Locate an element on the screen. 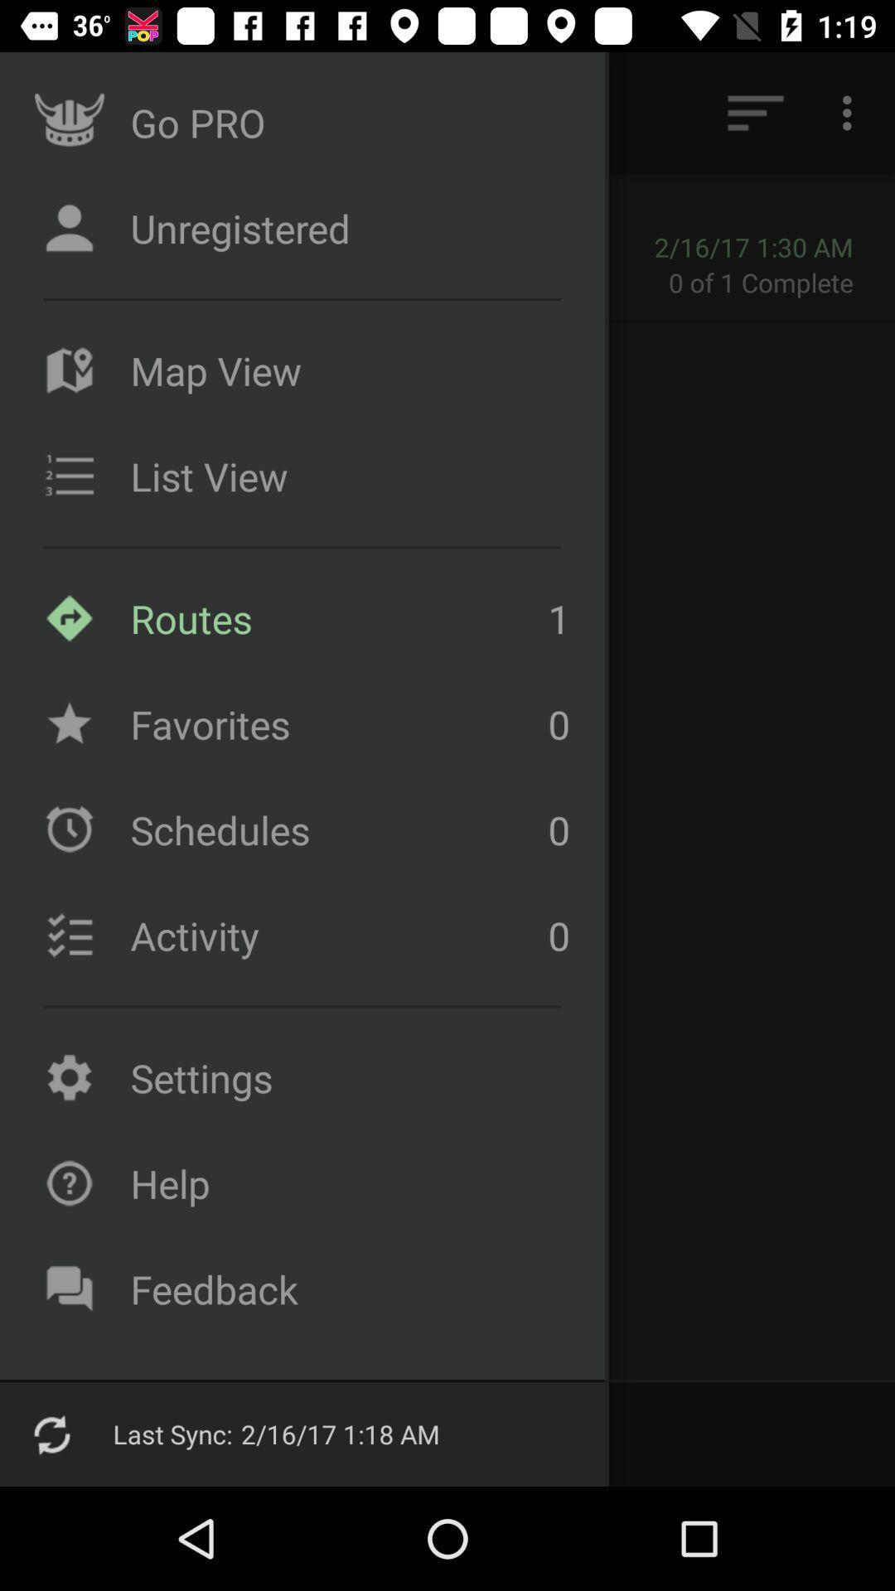 Image resolution: width=895 pixels, height=1591 pixels. map view item is located at coordinates (345, 370).